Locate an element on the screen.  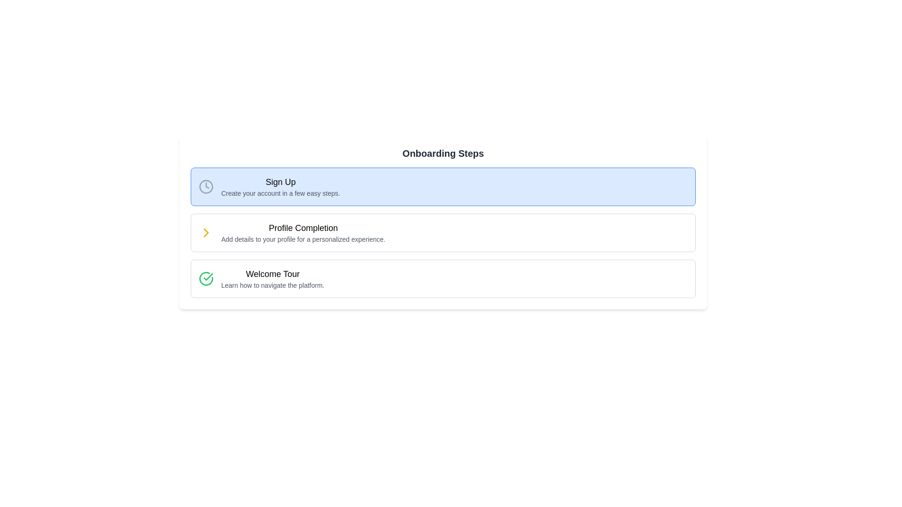
the top text label of the third onboarding step, which serves as the title for that step, positioned below the 'Sign Up' and 'Profile Completion' steps is located at coordinates (272, 274).